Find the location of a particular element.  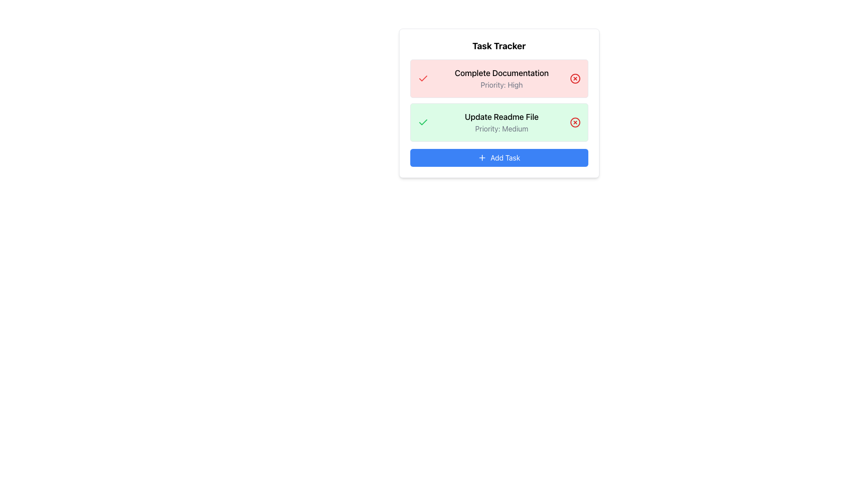

the SVG plus icon located to the left of the 'Add Task' button is located at coordinates (482, 157).